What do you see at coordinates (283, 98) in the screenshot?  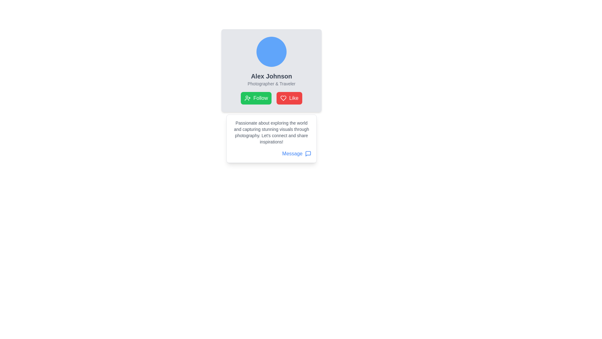 I see `the red heart-shaped icon located within the 'Like' button` at bounding box center [283, 98].